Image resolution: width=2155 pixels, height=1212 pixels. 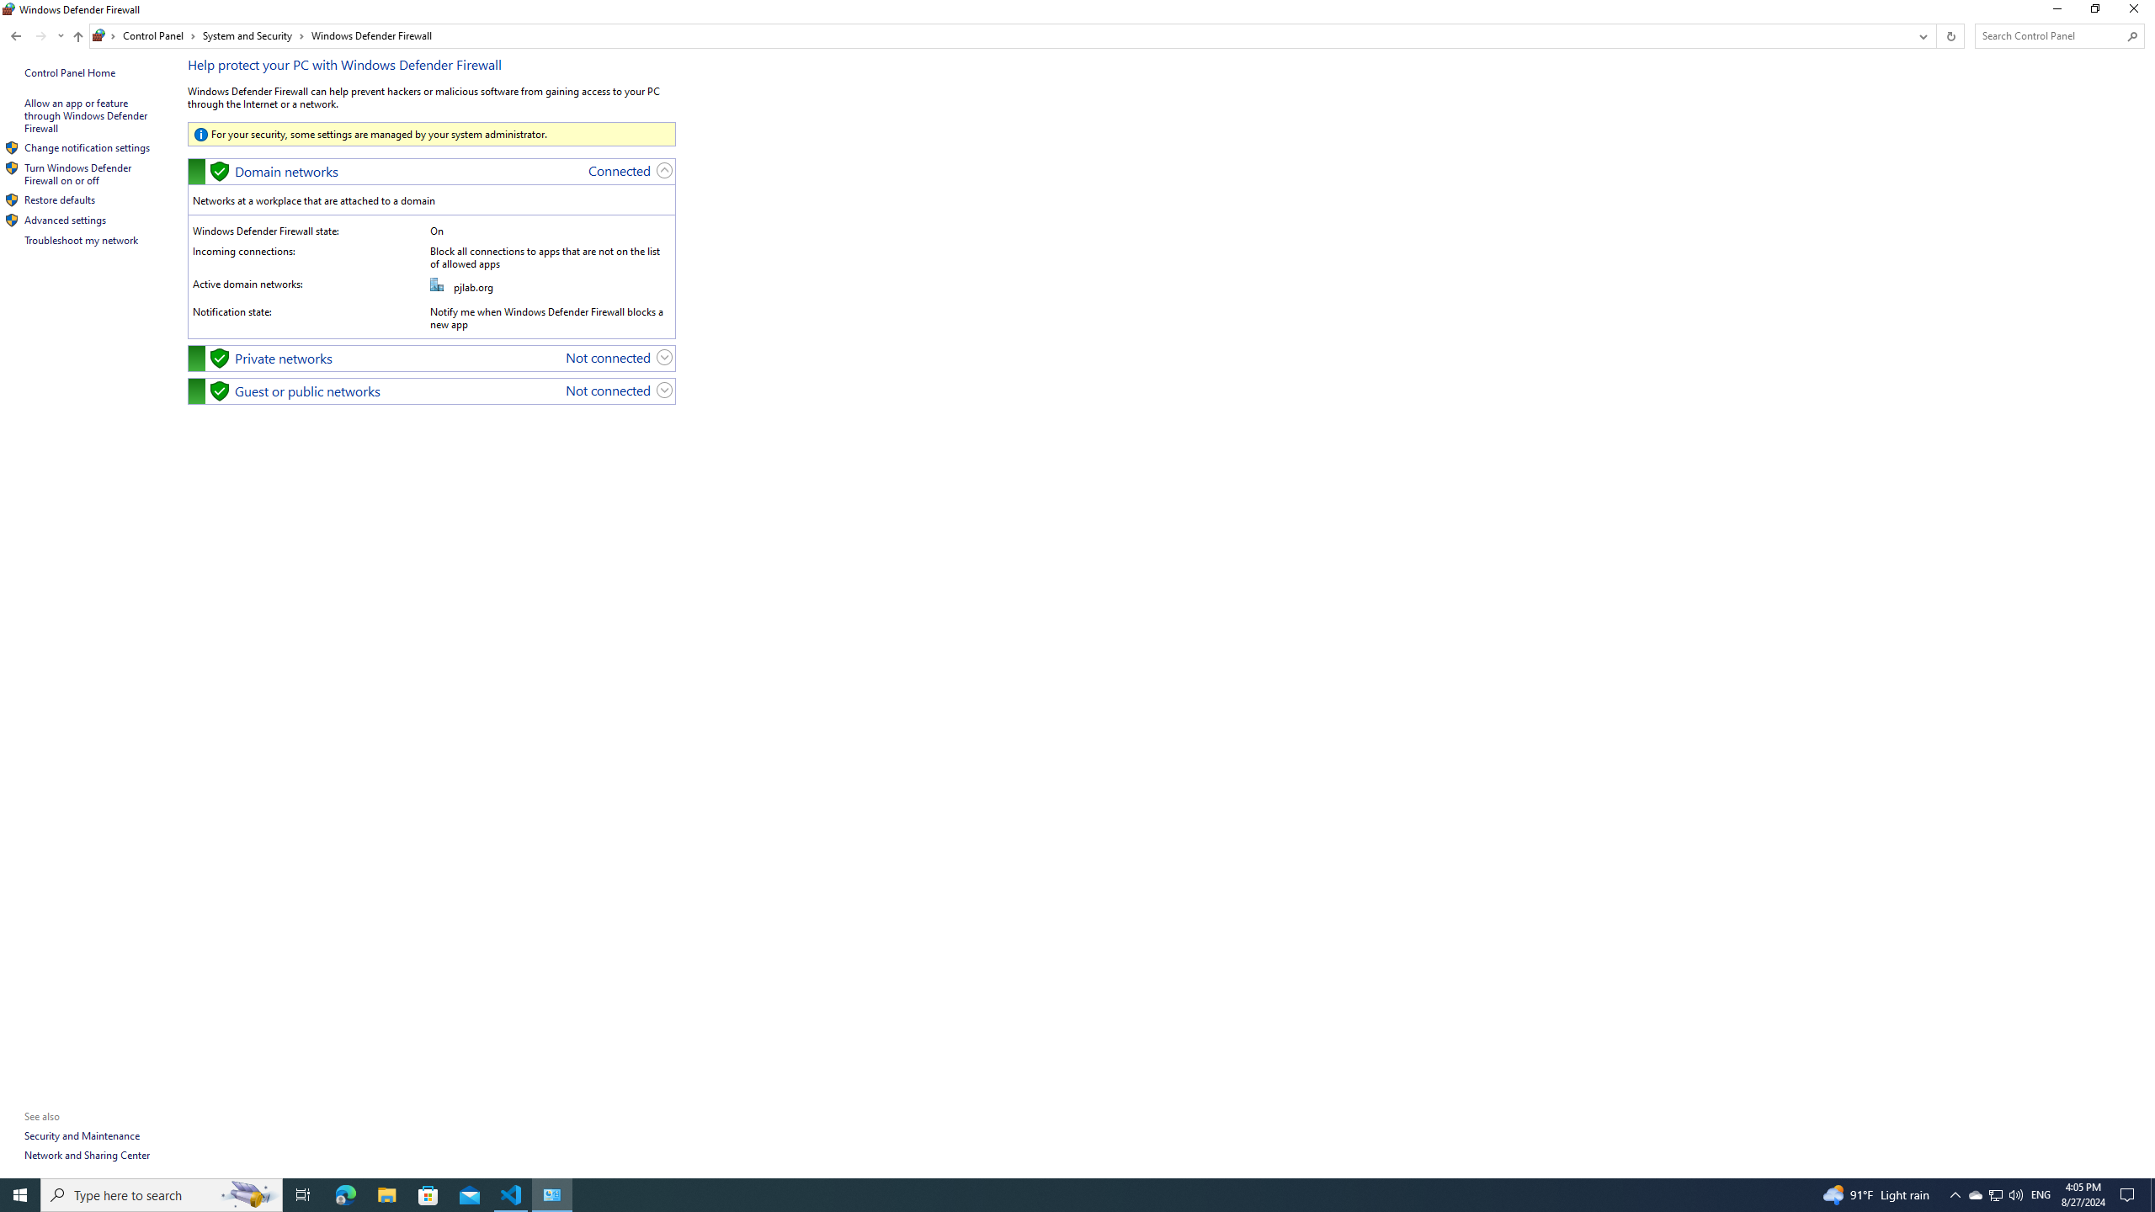 I want to click on 'System', so click(x=9, y=8).